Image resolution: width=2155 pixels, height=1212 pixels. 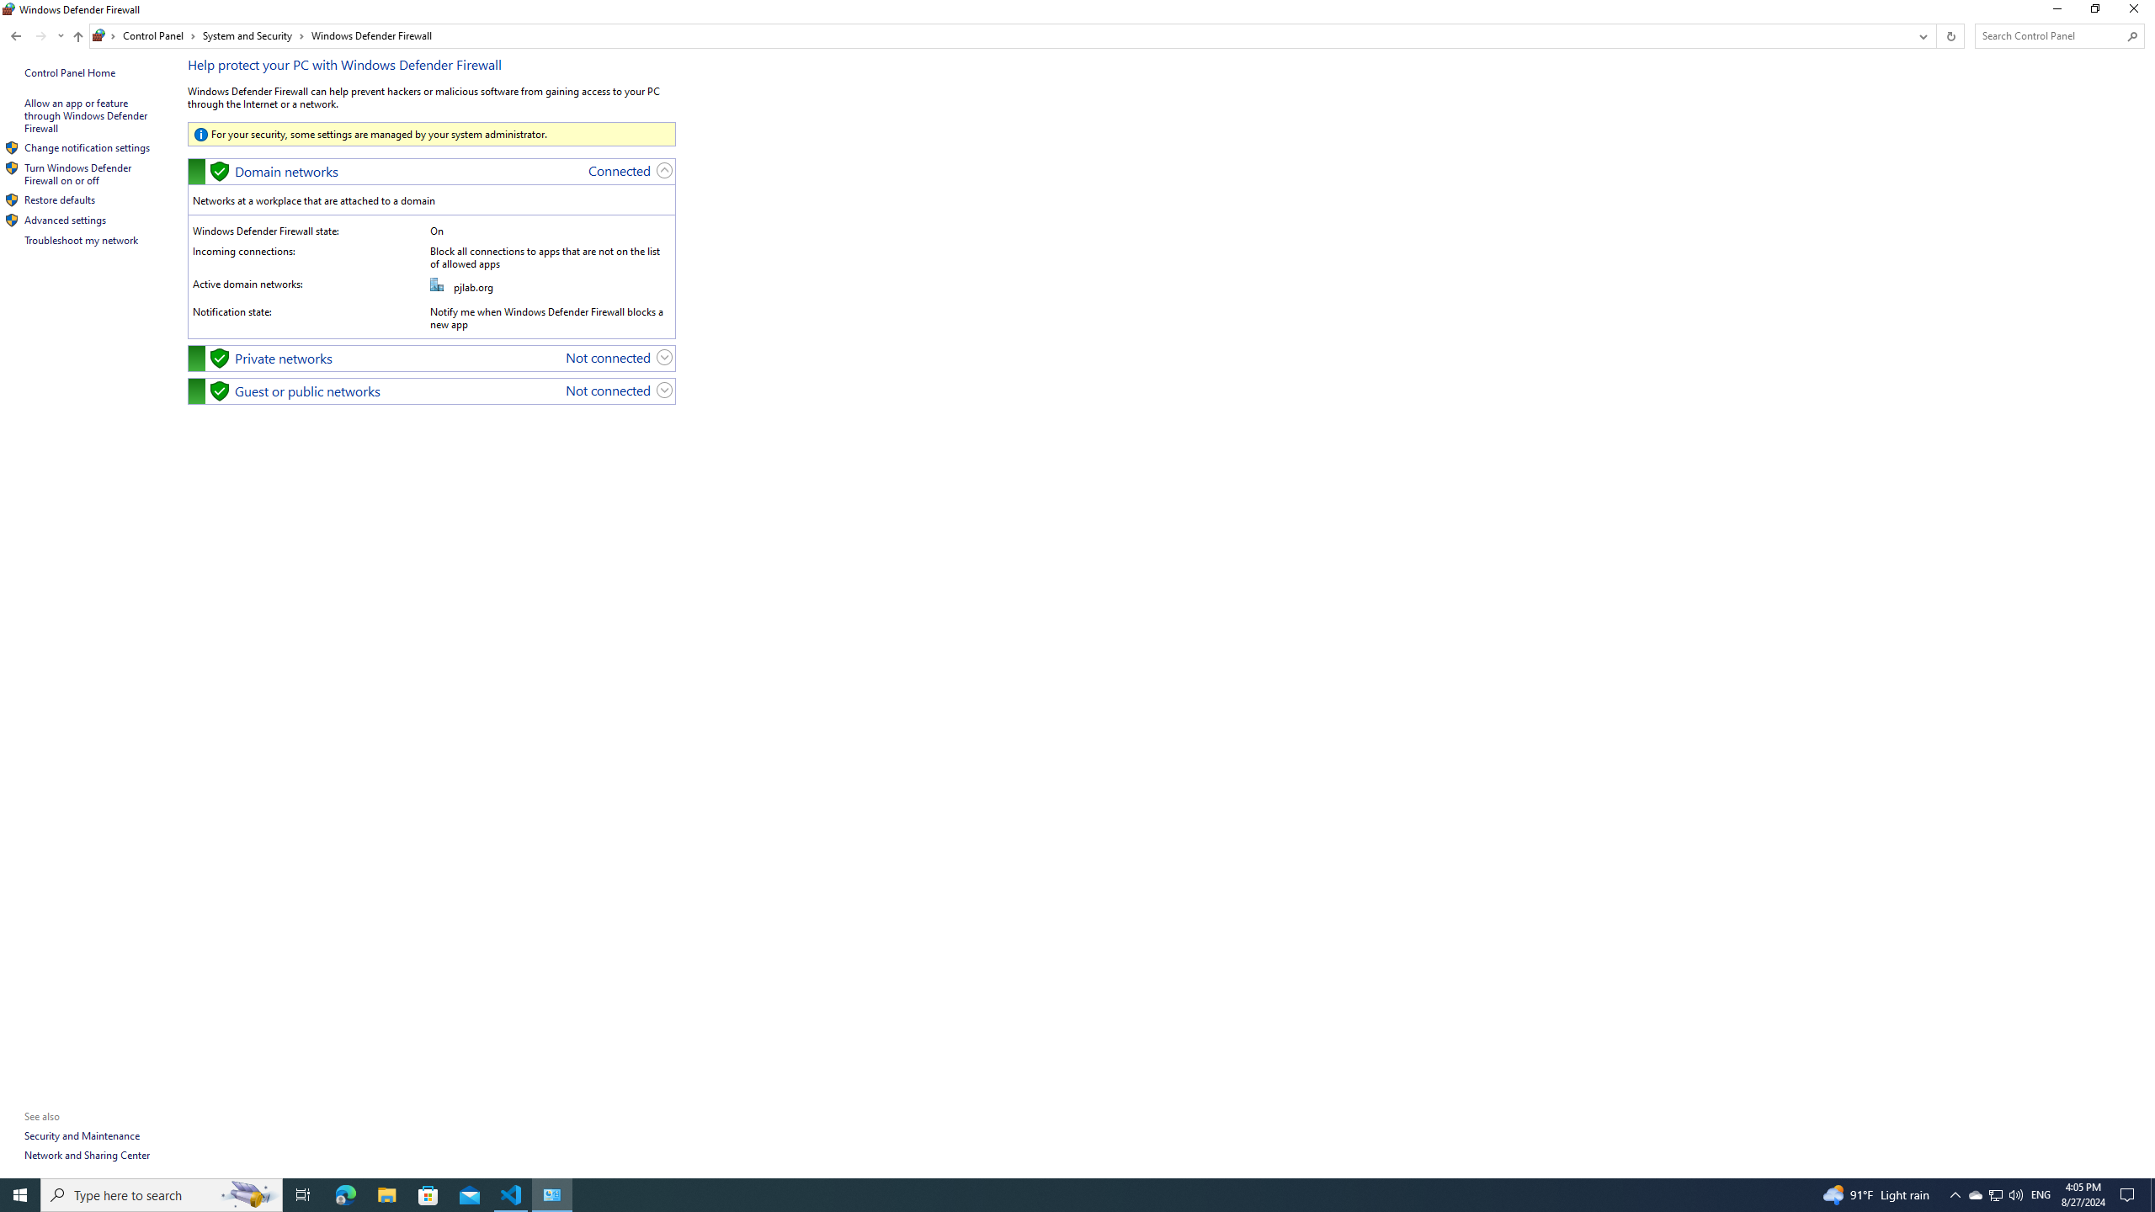 I want to click on 'System', so click(x=9, y=8).